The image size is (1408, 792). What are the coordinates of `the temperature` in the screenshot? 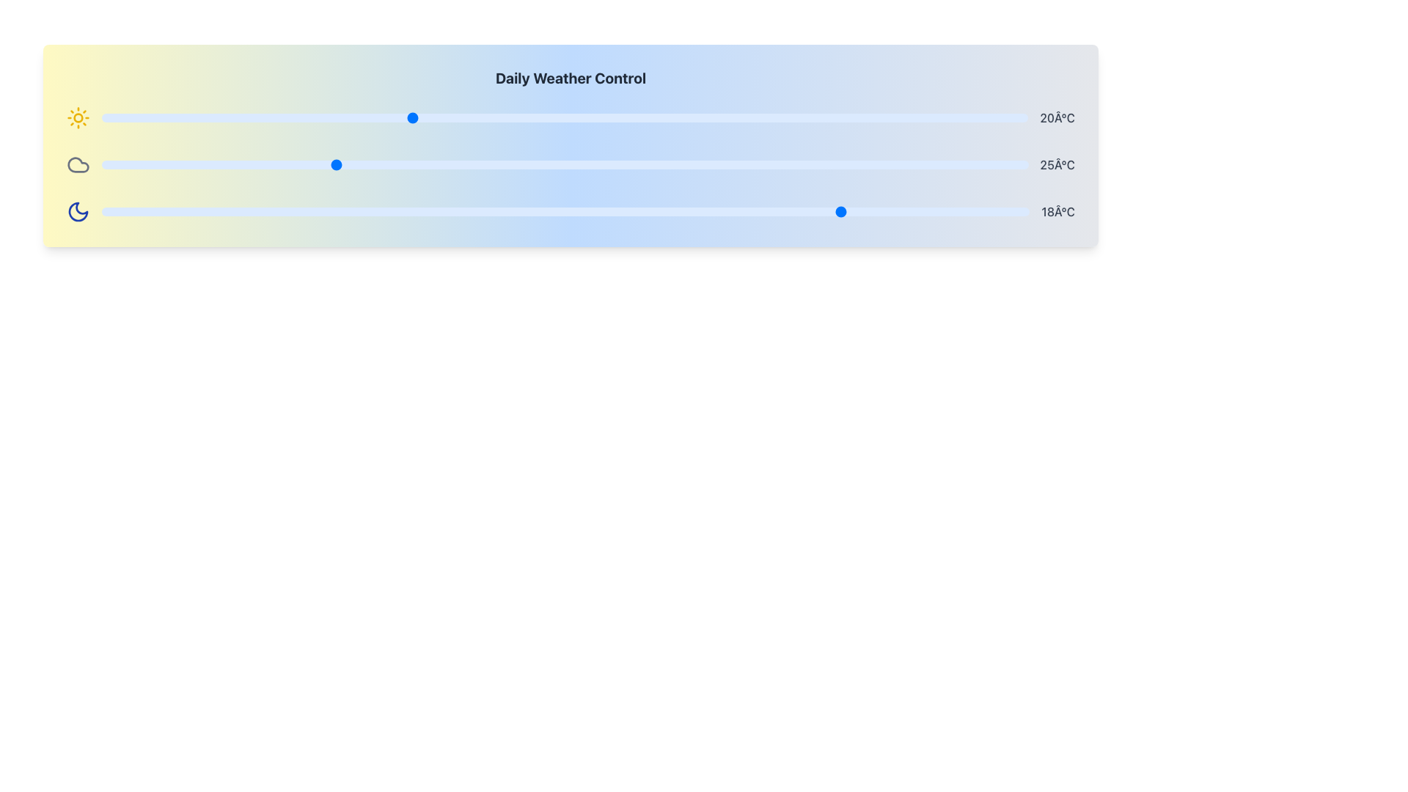 It's located at (611, 164).